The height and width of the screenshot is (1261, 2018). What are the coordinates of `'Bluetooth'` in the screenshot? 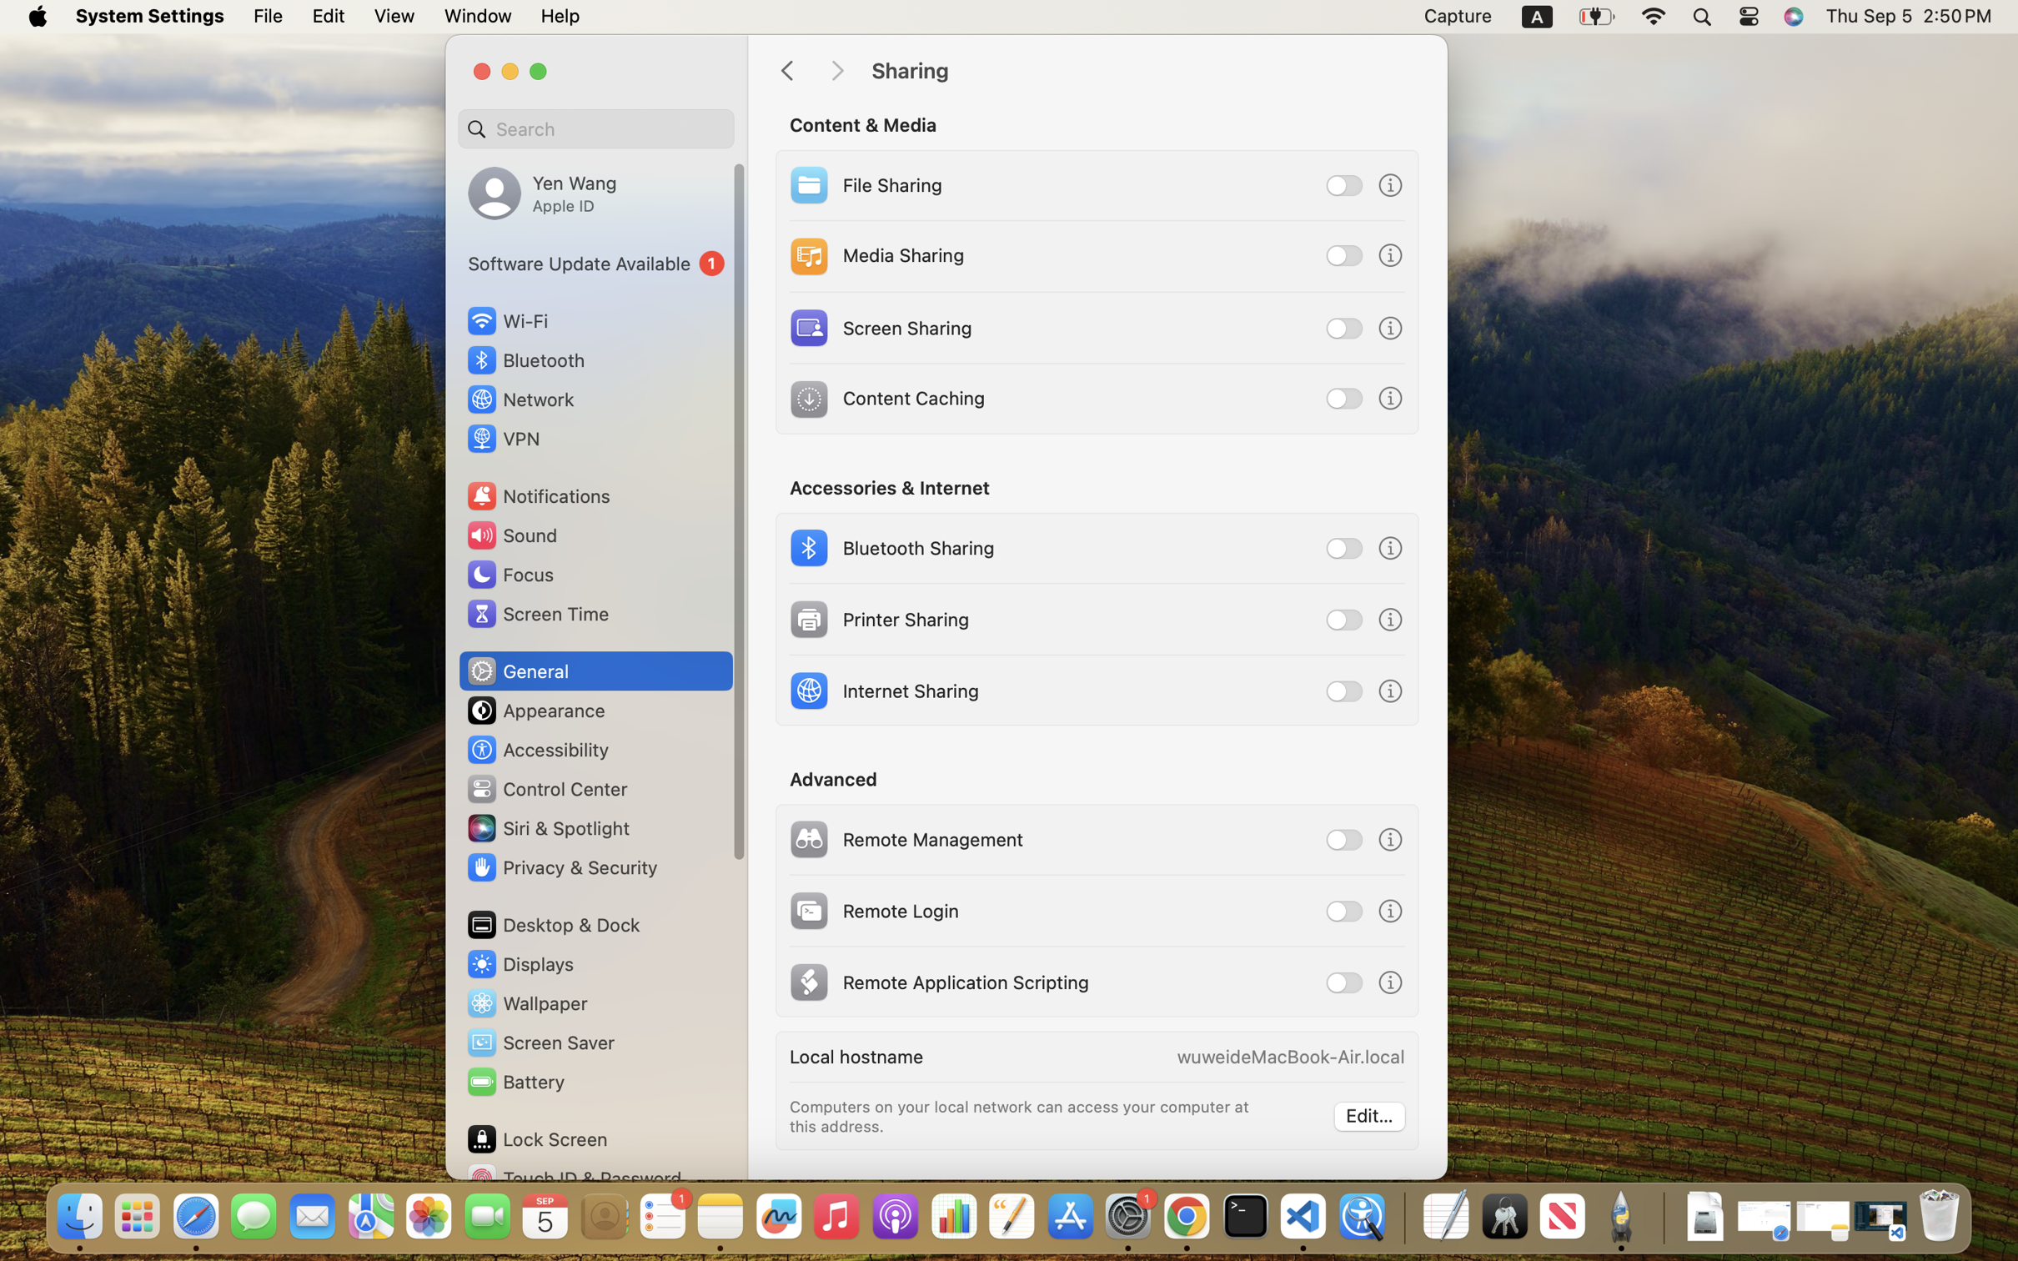 It's located at (525, 359).